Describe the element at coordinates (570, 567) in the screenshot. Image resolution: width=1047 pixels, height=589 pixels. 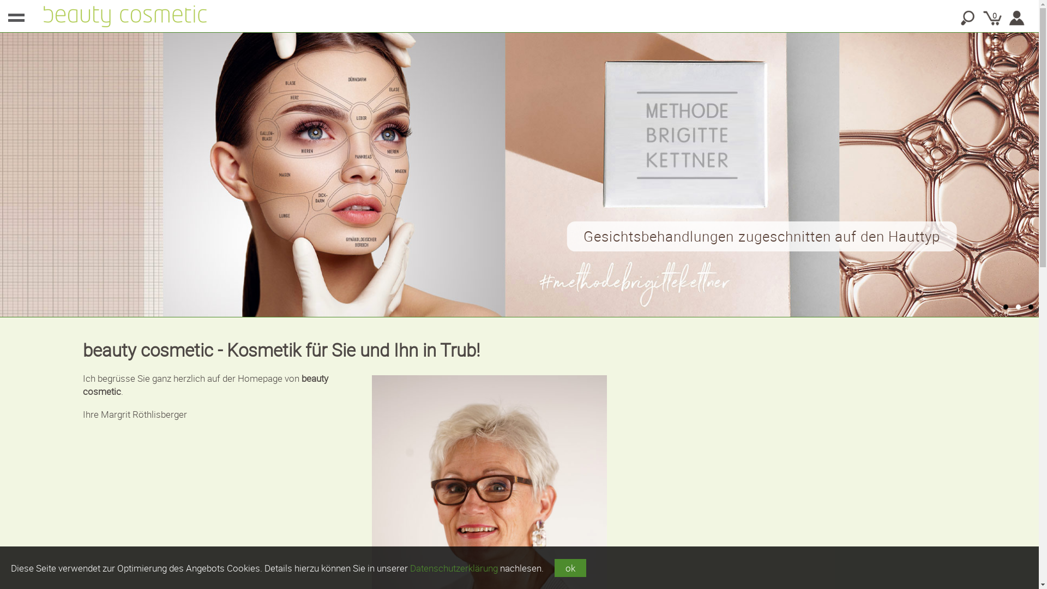
I see `'ok'` at that location.